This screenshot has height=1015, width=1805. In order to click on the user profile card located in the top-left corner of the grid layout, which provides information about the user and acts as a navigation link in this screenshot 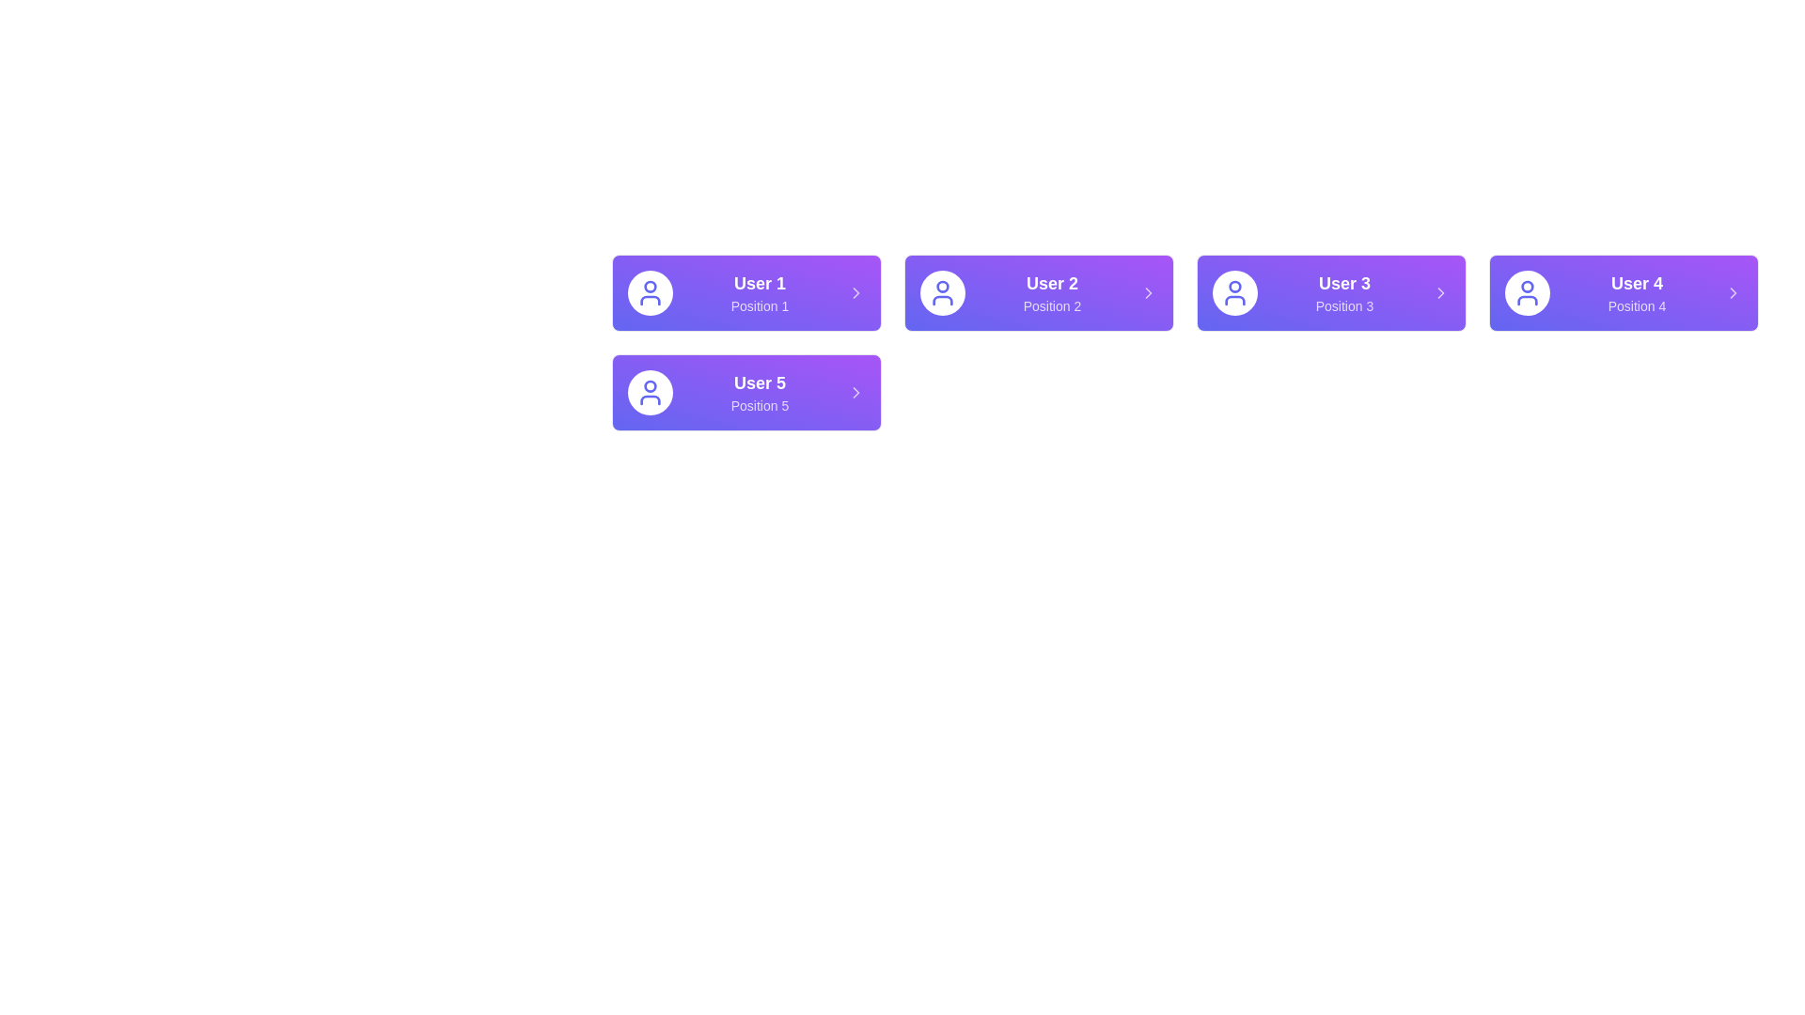, I will do `click(746, 293)`.